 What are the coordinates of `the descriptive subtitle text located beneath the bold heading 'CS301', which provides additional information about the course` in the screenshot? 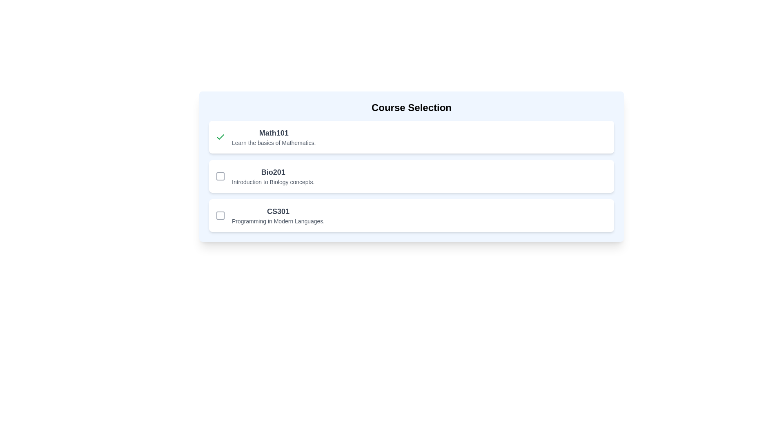 It's located at (278, 221).